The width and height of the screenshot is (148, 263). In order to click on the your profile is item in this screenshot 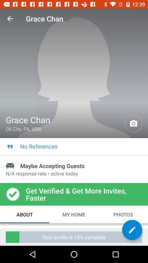, I will do `click(74, 237)`.